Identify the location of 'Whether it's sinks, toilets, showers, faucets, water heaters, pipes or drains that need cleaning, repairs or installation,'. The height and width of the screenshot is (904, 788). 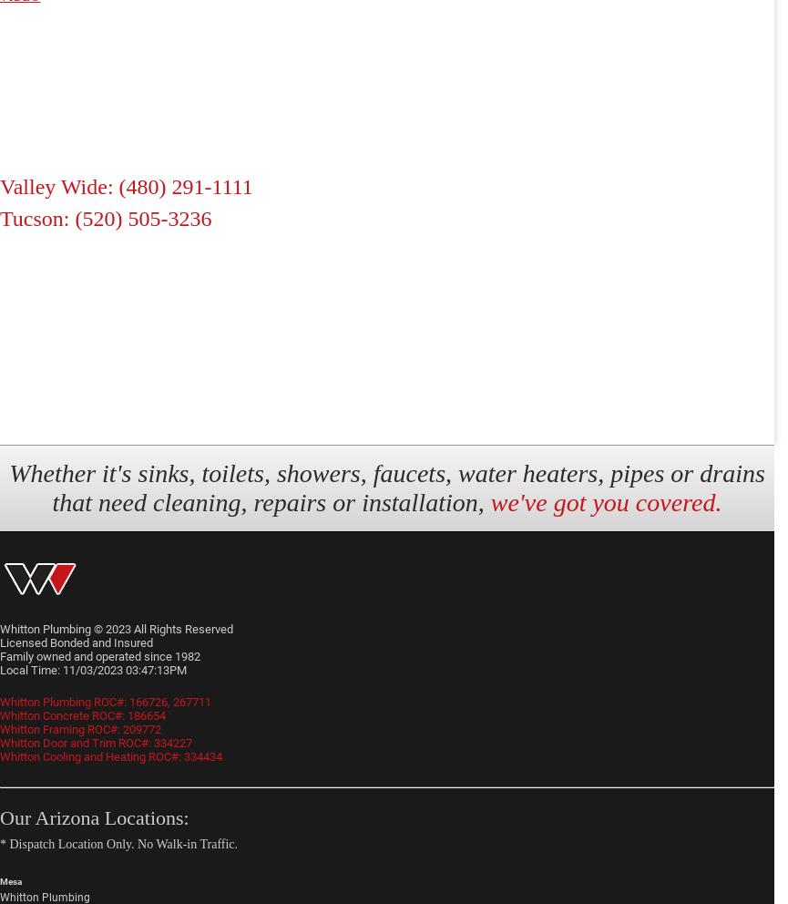
(386, 486).